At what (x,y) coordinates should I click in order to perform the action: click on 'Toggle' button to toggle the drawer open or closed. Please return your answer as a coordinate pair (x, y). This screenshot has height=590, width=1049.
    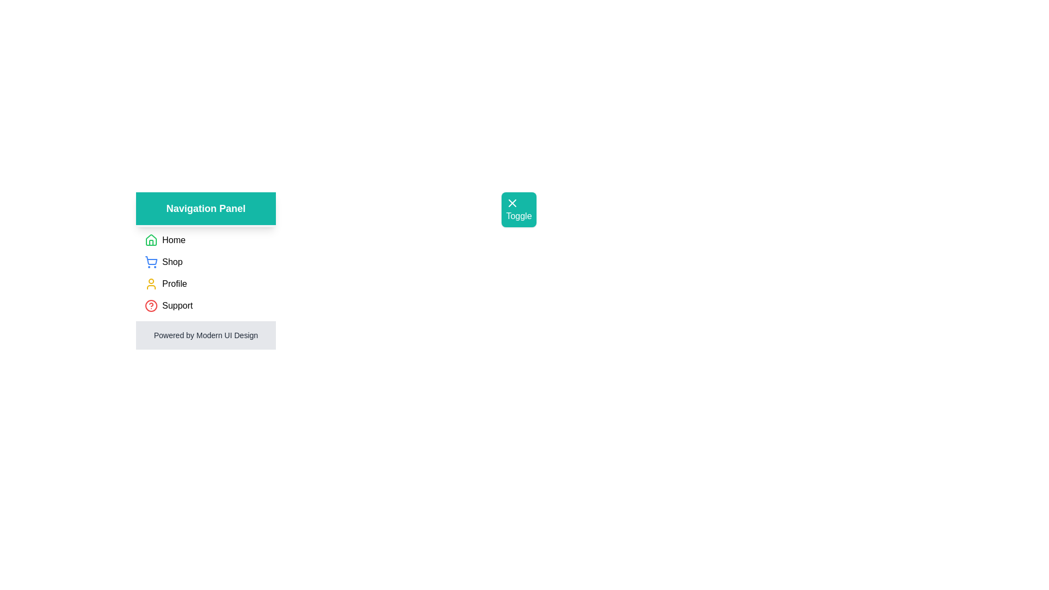
    Looking at the image, I should click on (518, 210).